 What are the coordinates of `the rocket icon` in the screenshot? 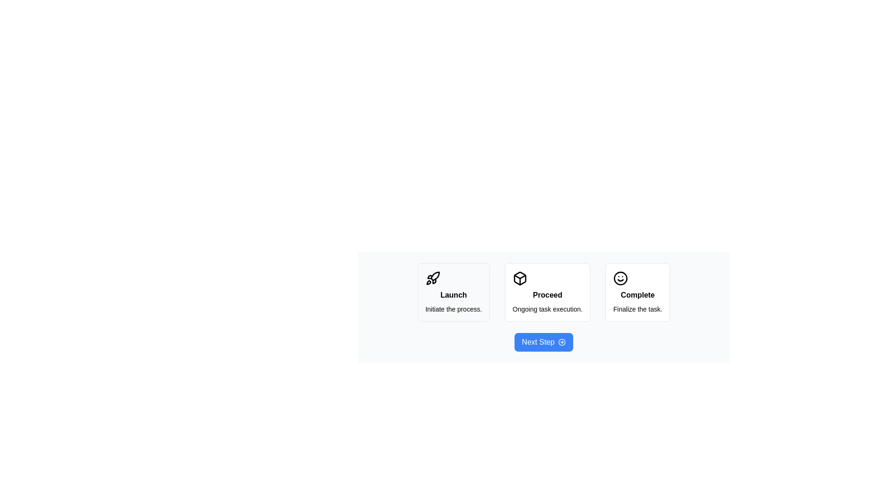 It's located at (454, 278).